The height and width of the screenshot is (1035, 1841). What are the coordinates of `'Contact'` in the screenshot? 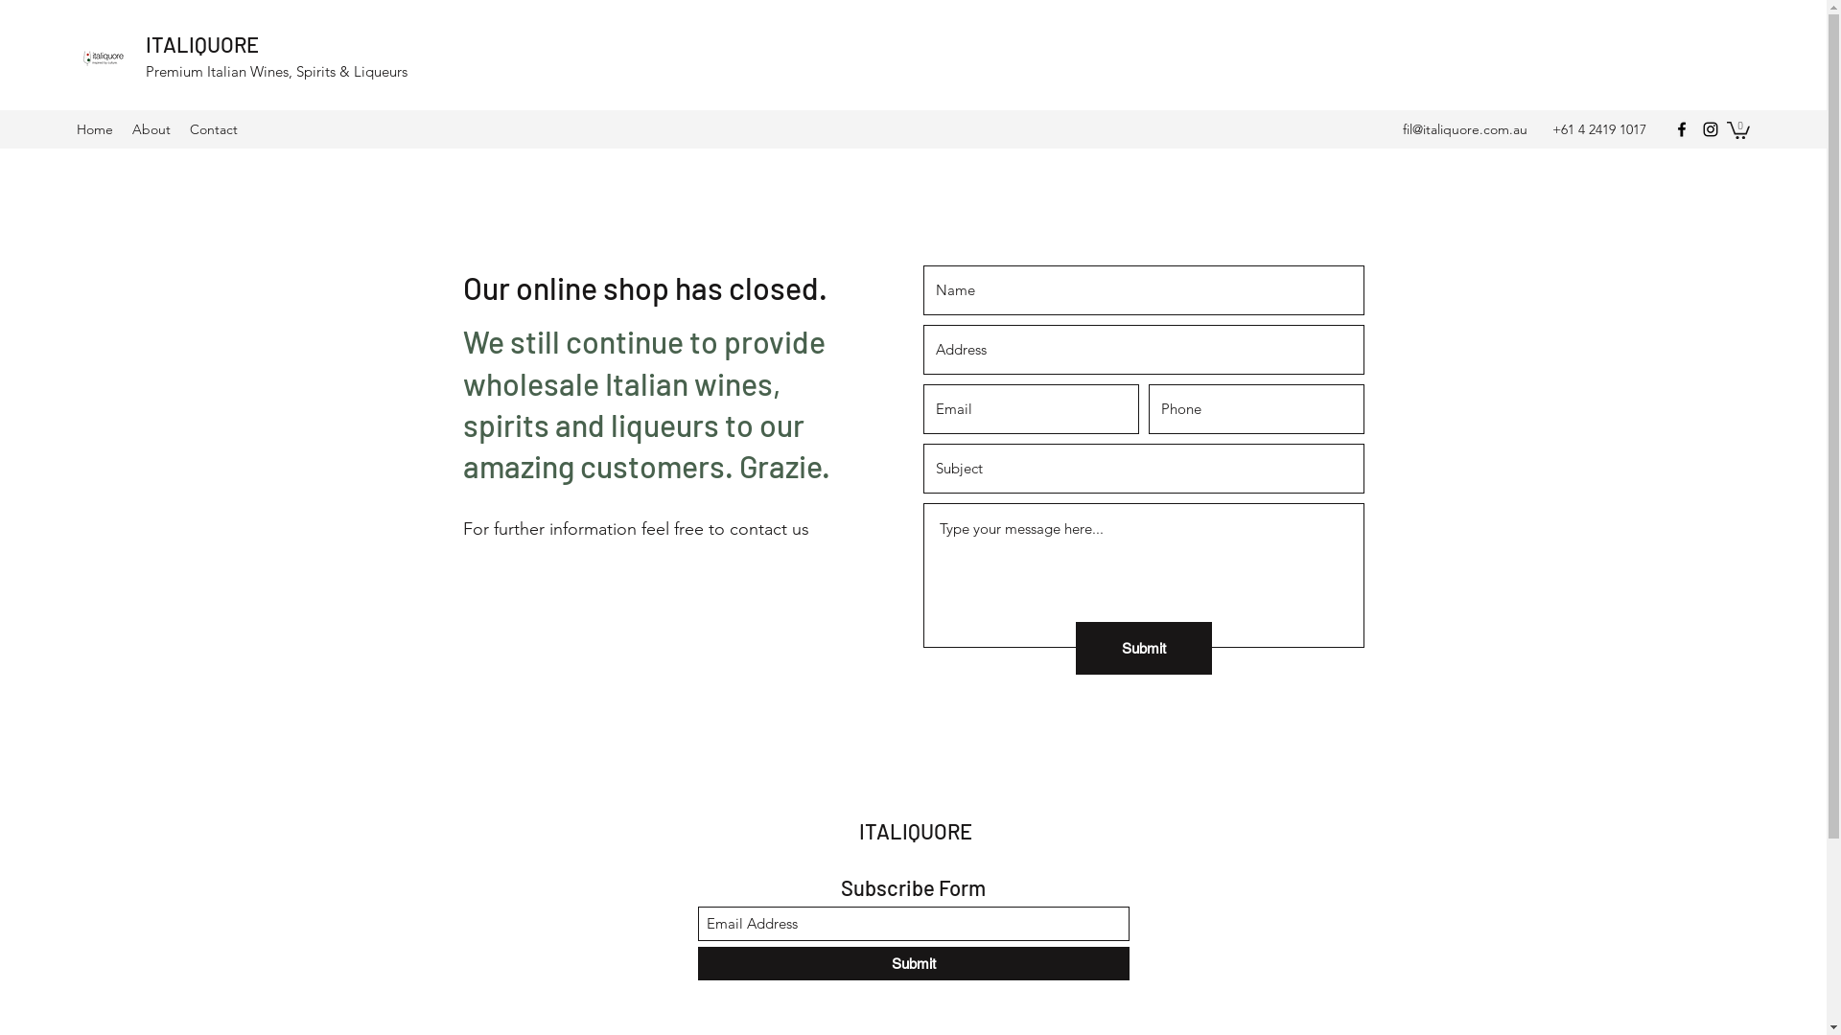 It's located at (179, 129).